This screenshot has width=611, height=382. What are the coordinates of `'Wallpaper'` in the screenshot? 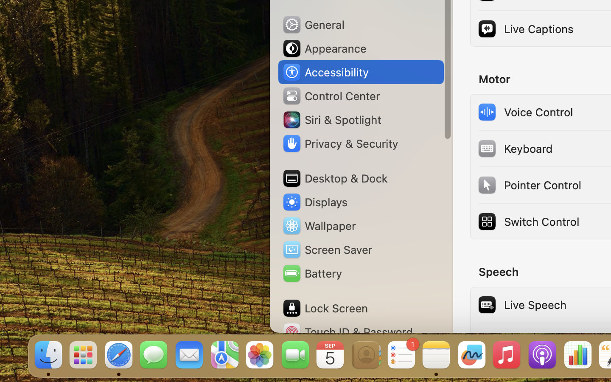 It's located at (318, 225).